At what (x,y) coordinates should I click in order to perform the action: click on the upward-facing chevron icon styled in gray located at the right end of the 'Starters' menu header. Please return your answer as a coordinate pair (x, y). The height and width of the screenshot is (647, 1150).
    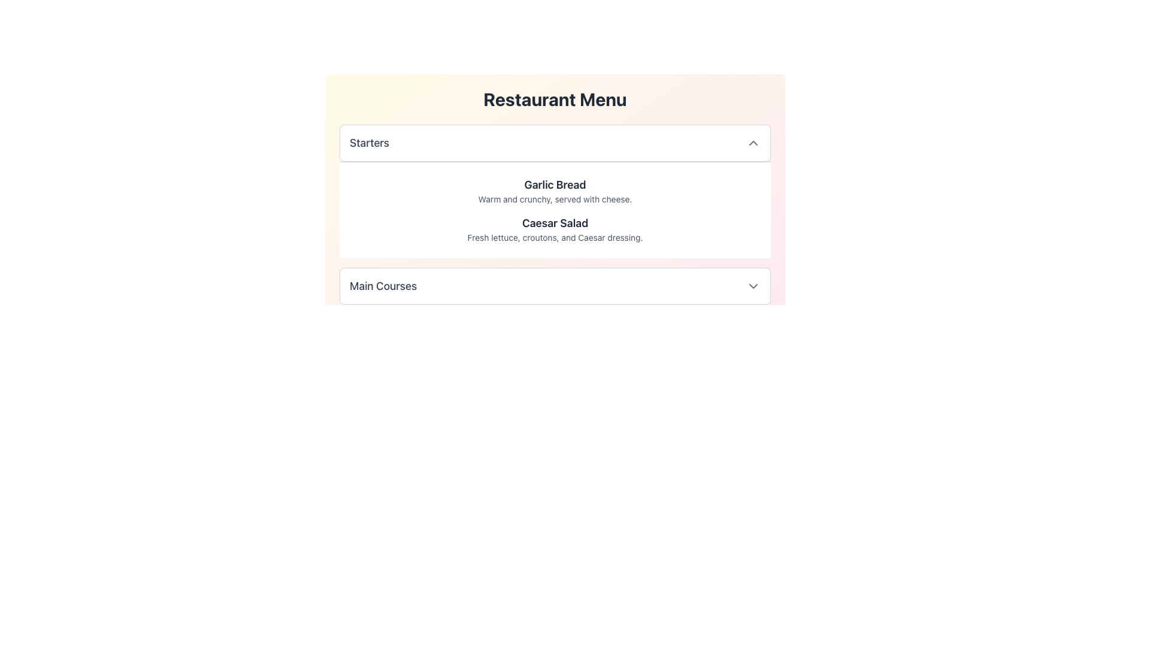
    Looking at the image, I should click on (752, 143).